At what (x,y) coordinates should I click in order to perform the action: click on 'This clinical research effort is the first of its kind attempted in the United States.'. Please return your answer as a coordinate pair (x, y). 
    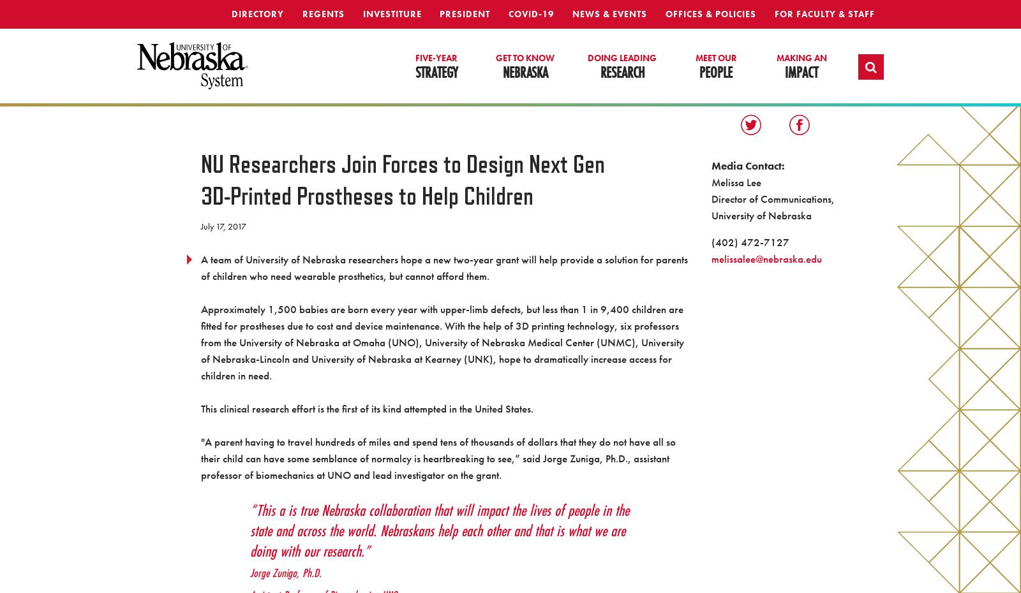
    Looking at the image, I should click on (366, 407).